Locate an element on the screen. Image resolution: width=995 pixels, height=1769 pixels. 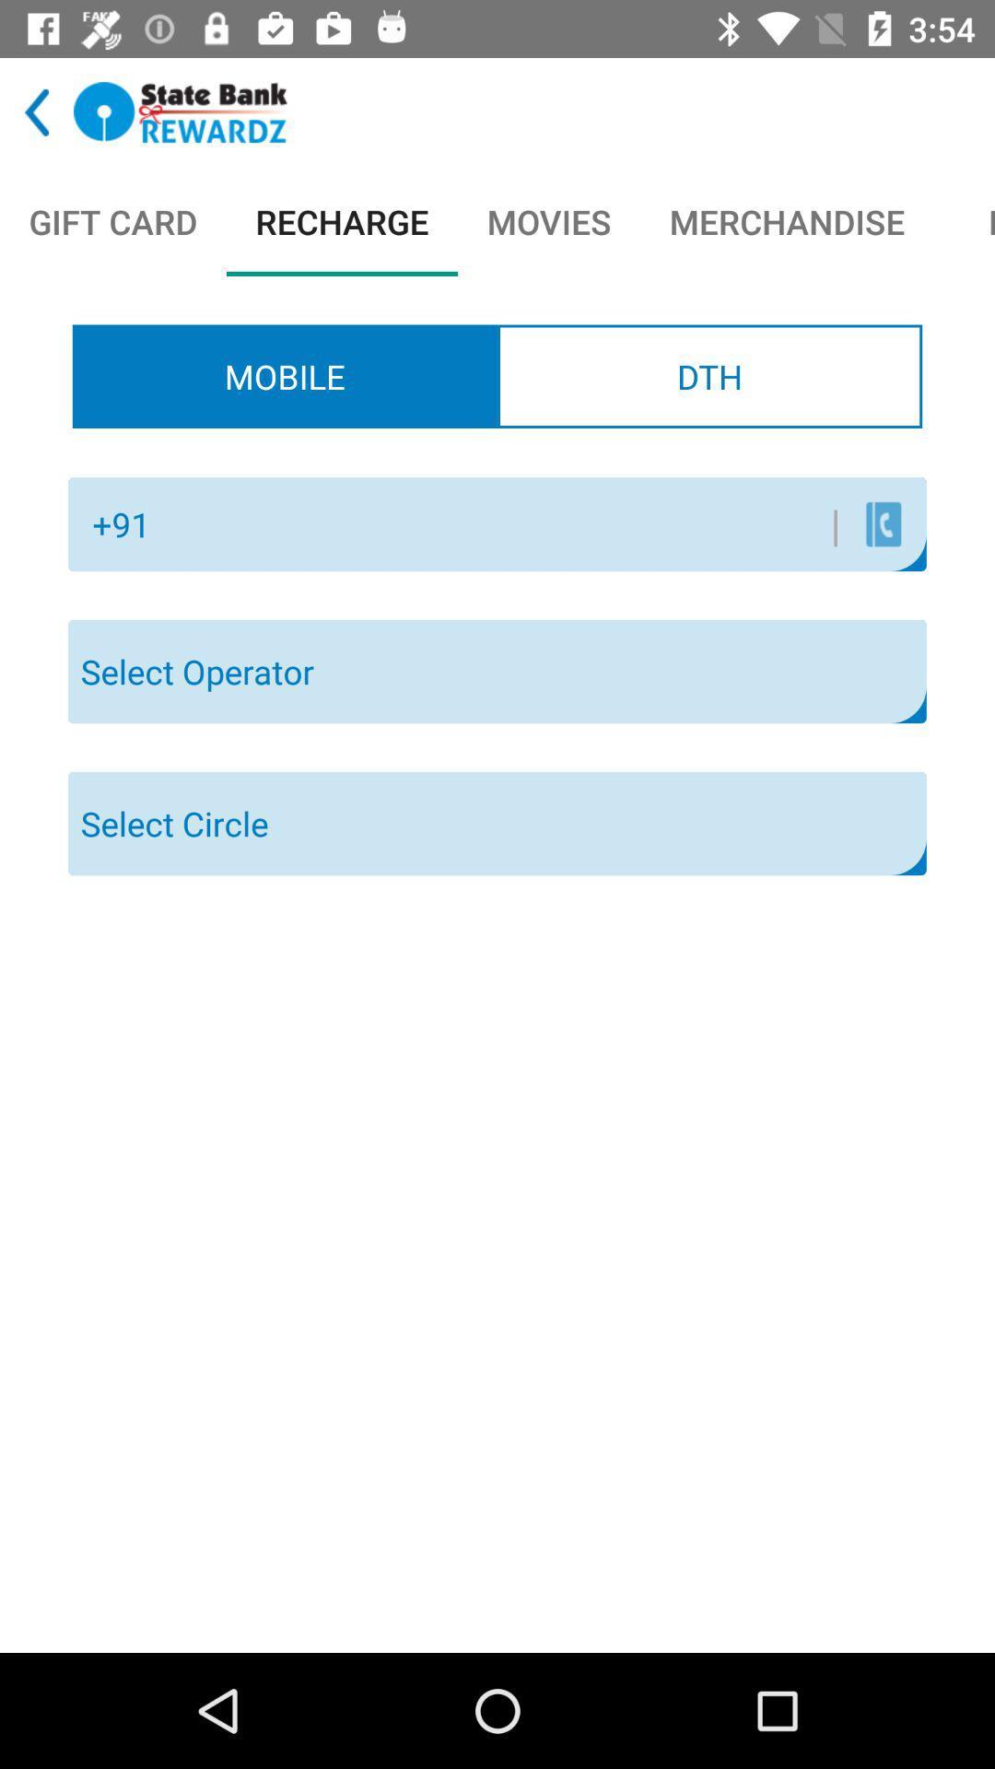
the radio button to the left of the dth item is located at coordinates (285, 375).